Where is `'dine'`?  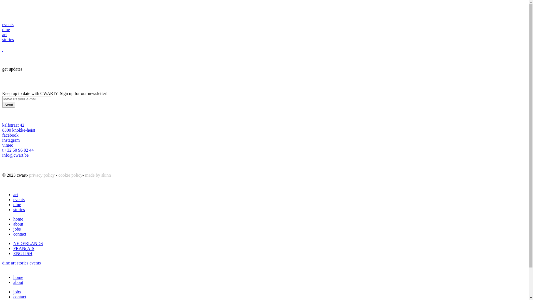 'dine' is located at coordinates (17, 204).